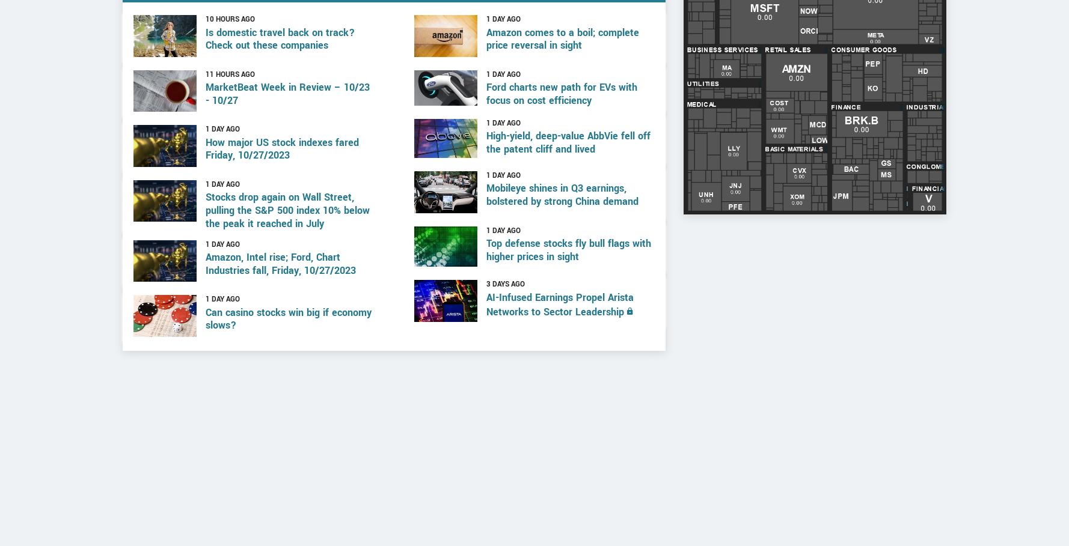 The width and height of the screenshot is (1069, 546). Describe the element at coordinates (562, 83) in the screenshot. I see `'Amazon comes to a boil; complete price reversal in sight'` at that location.